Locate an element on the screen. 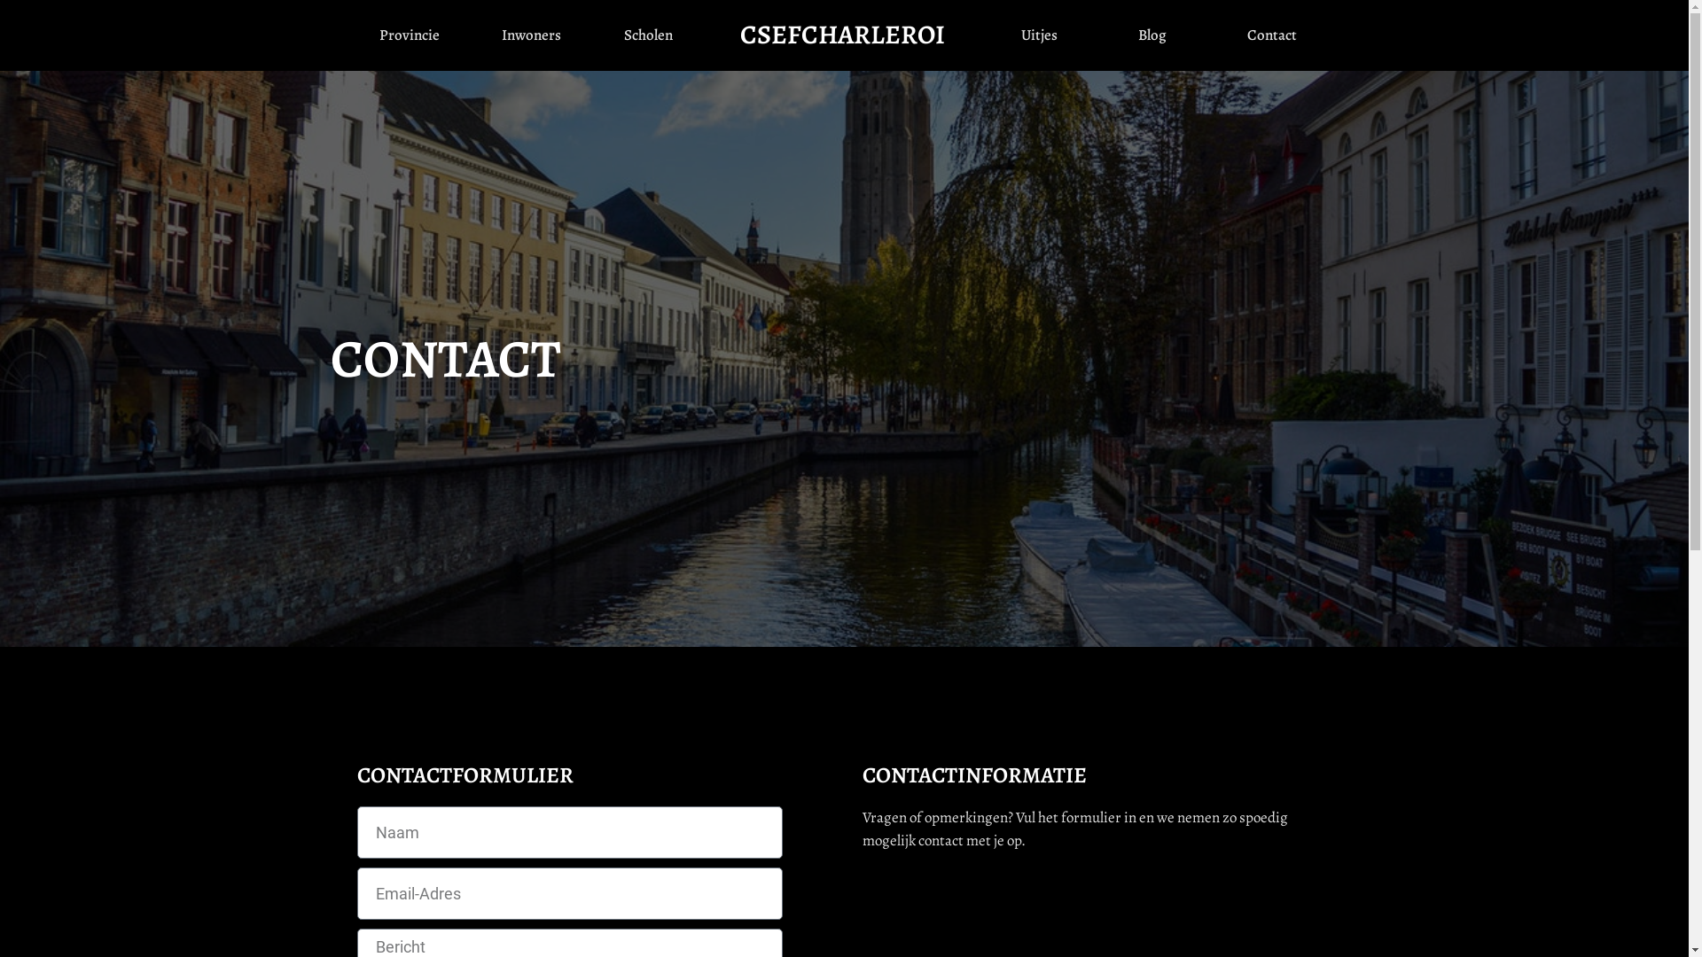 The width and height of the screenshot is (1702, 957). 'CSEFCHARLEROI' is located at coordinates (841, 34).